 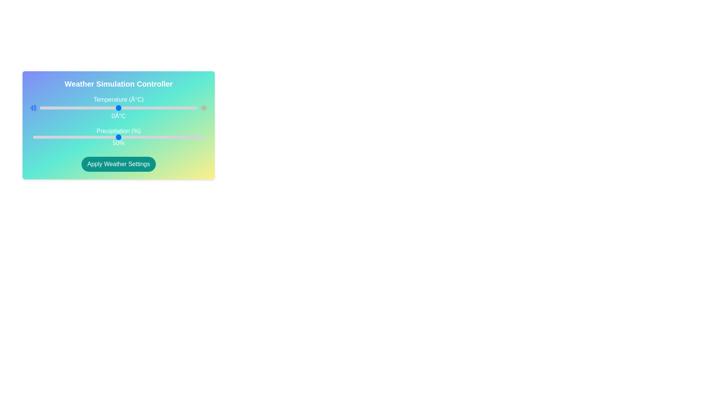 I want to click on the precipitation slider to 87%, so click(x=182, y=137).